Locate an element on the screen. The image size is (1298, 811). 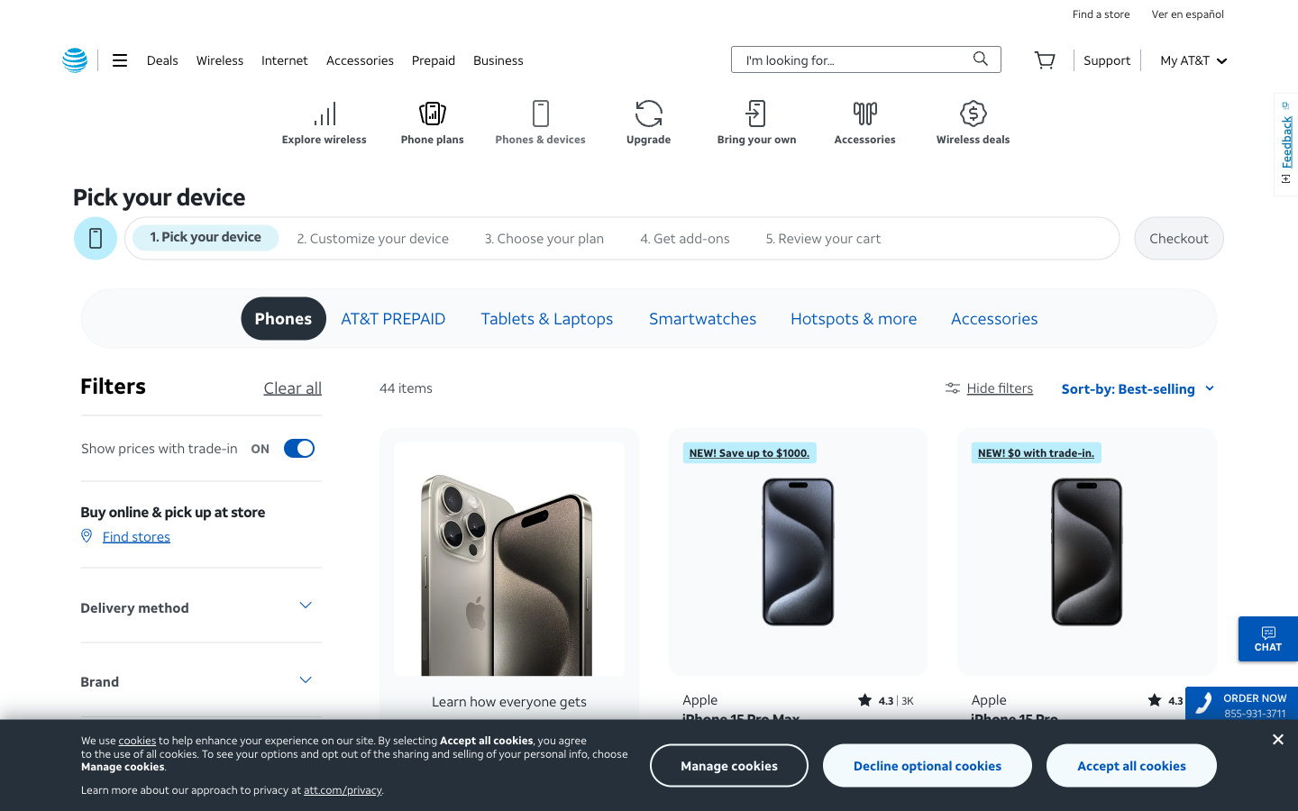
the support page is located at coordinates (1106, 59).